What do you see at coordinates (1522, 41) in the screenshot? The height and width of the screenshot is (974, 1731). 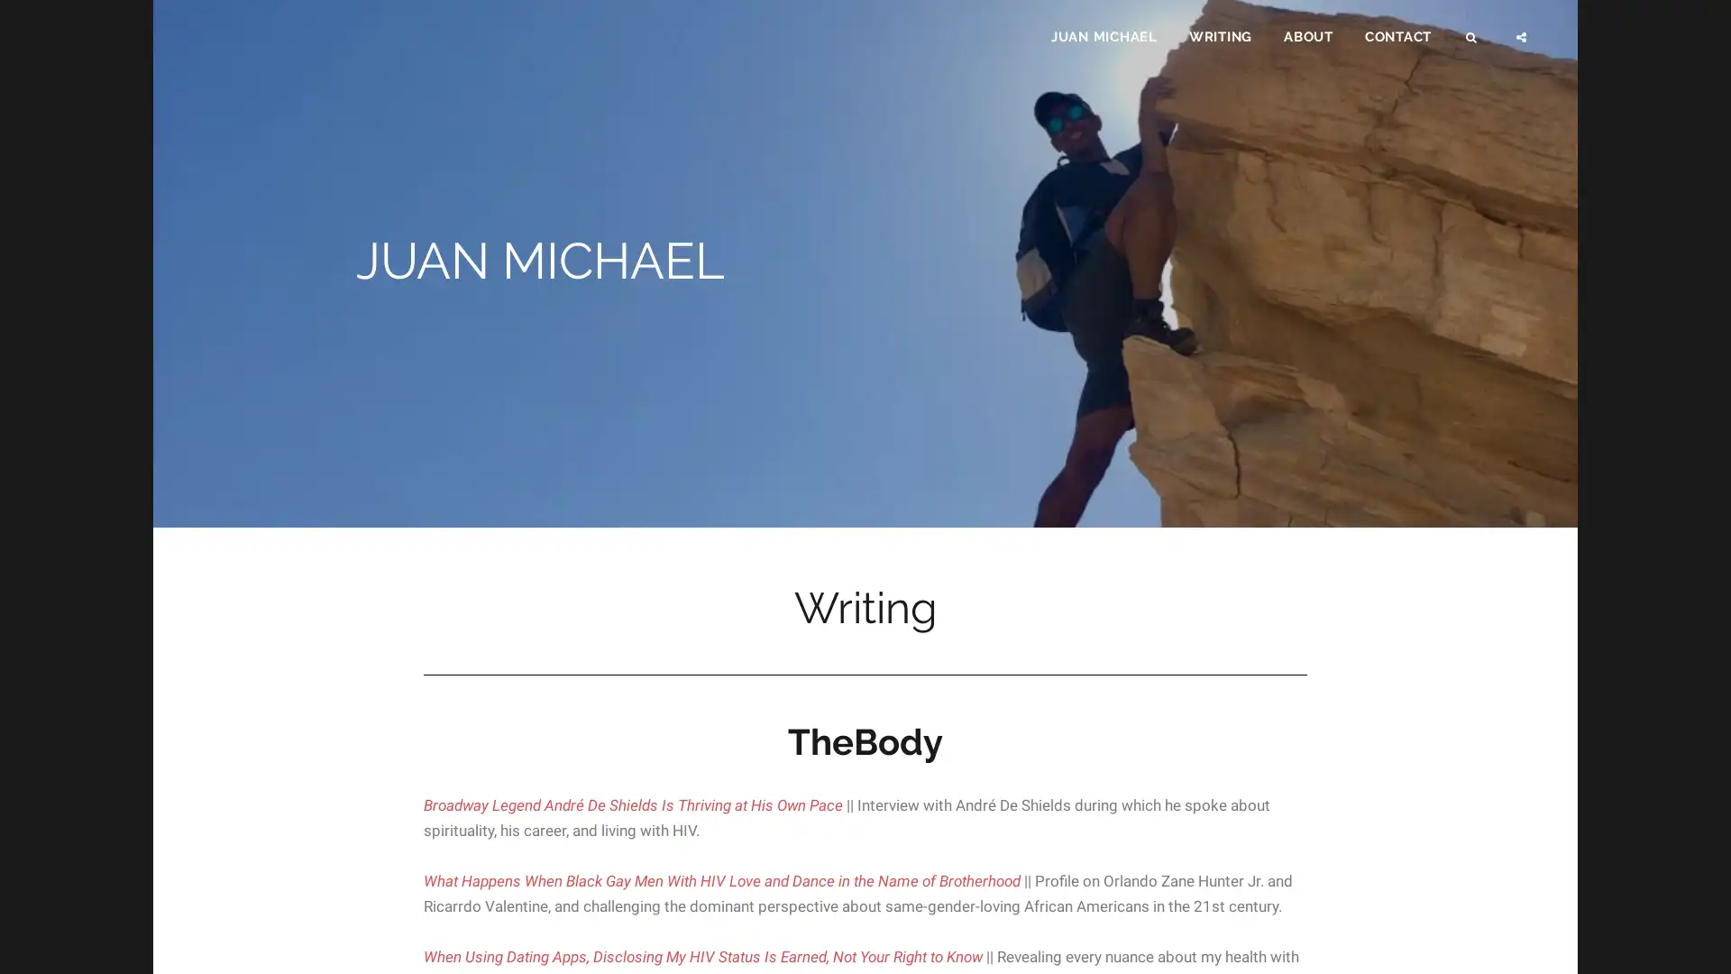 I see `SOCIAL MENU` at bounding box center [1522, 41].